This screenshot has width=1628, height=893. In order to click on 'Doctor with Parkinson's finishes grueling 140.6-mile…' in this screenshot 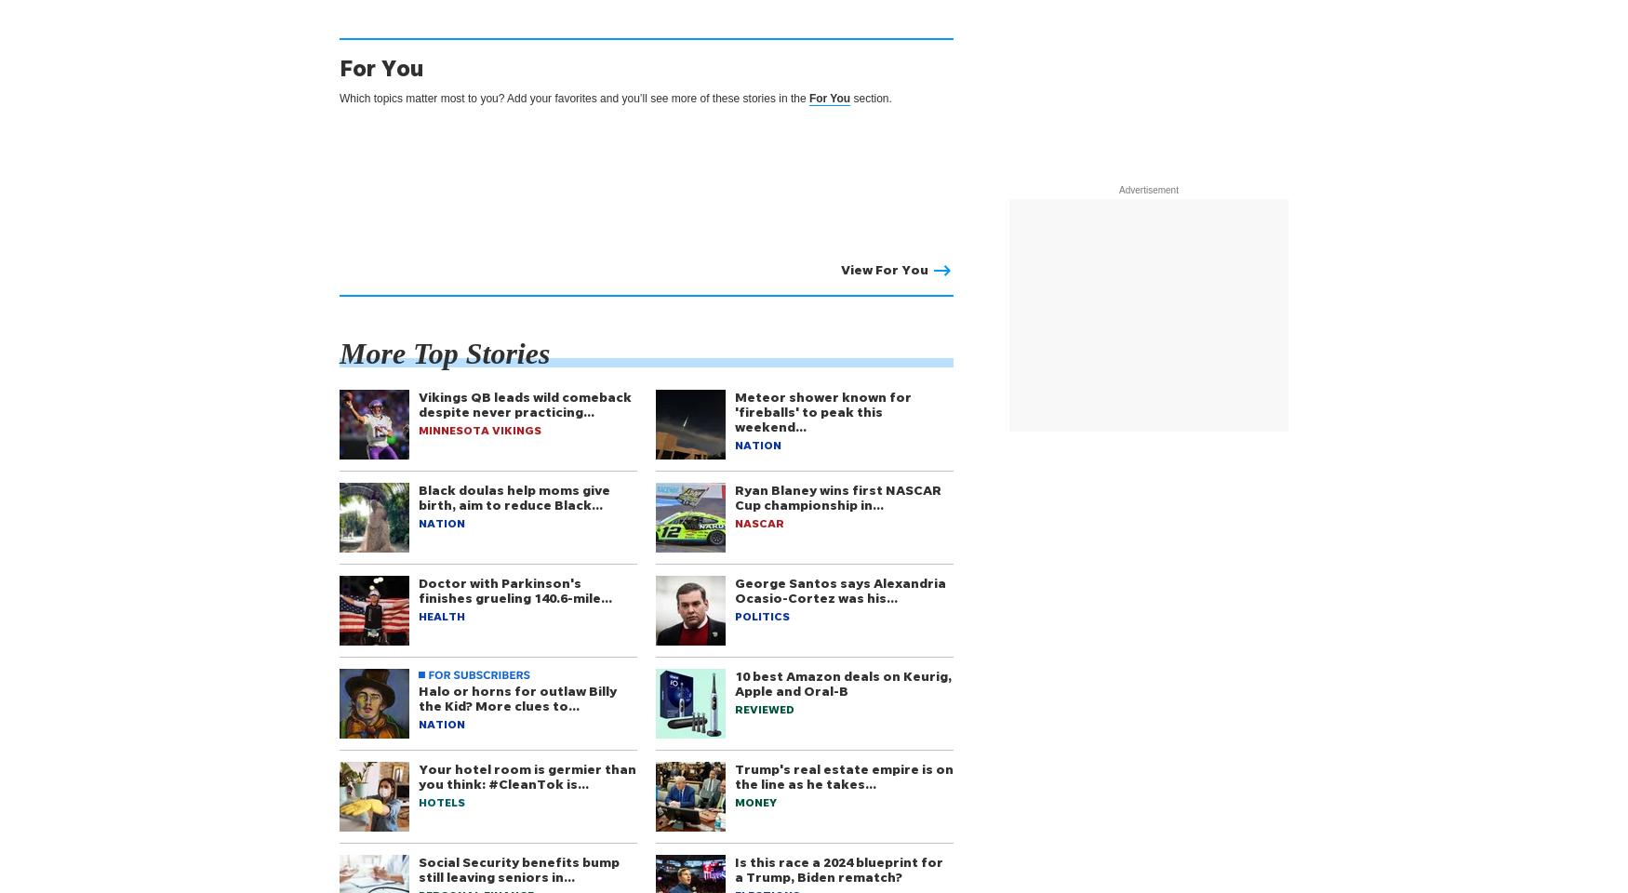, I will do `click(514, 589)`.